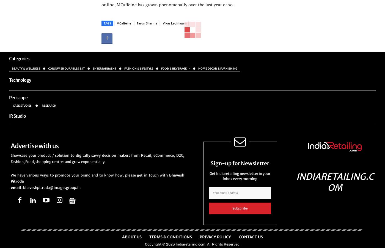 This screenshot has height=248, width=385. What do you see at coordinates (24, 87) in the screenshot?
I see `'No menu items!'` at bounding box center [24, 87].